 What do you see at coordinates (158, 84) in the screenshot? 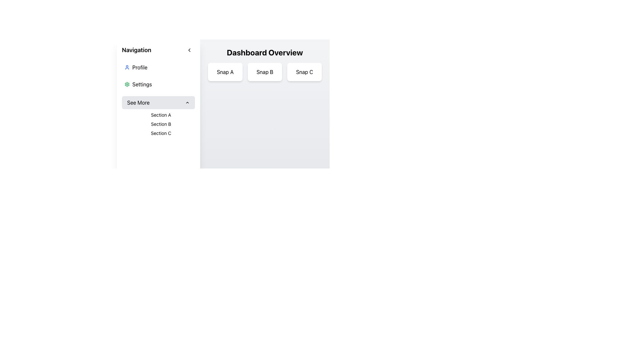
I see `the second menu item in the navigation menu, which is positioned below the 'Profile' item and above the 'See More' section` at bounding box center [158, 84].